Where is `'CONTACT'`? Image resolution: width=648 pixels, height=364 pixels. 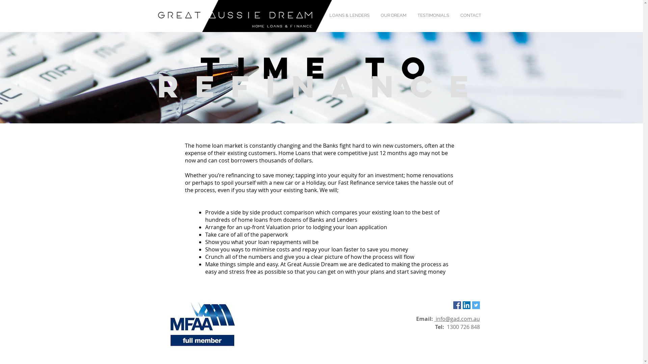 'CONTACT' is located at coordinates (470, 15).